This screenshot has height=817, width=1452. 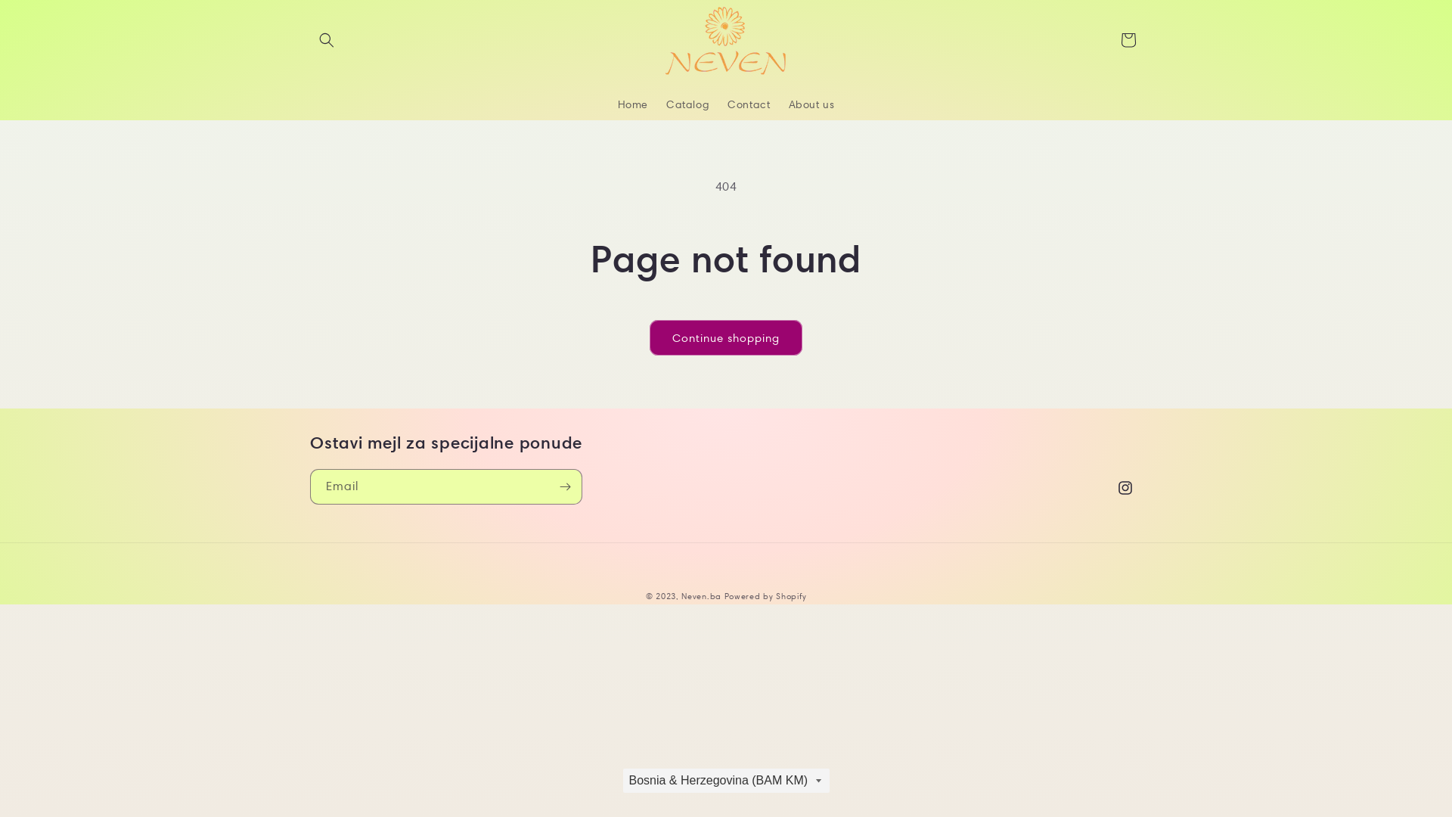 What do you see at coordinates (748, 103) in the screenshot?
I see `'Contact'` at bounding box center [748, 103].